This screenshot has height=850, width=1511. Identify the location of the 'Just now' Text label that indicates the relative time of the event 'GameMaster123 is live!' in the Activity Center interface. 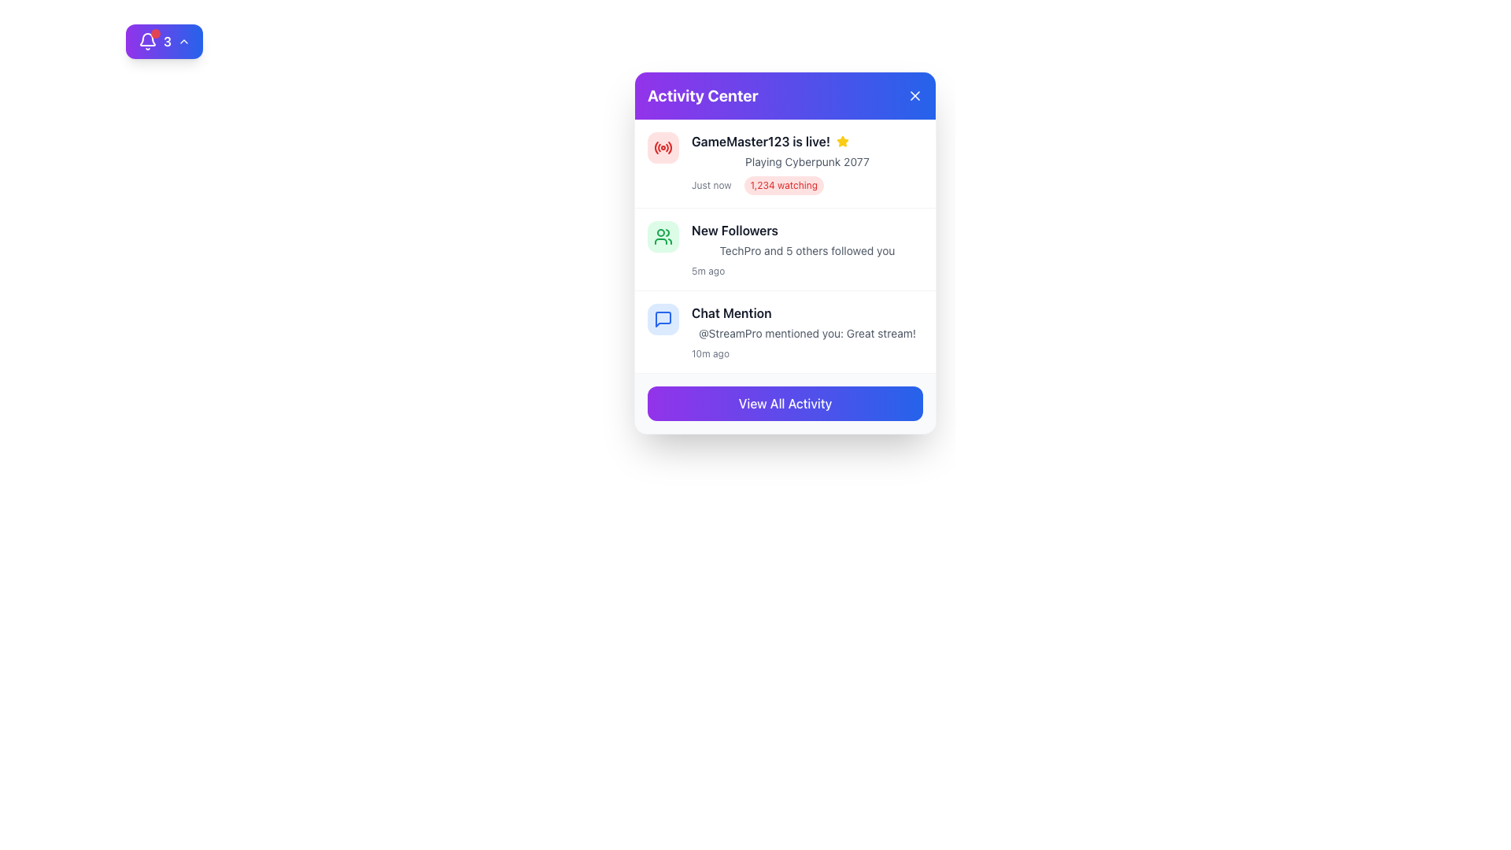
(711, 184).